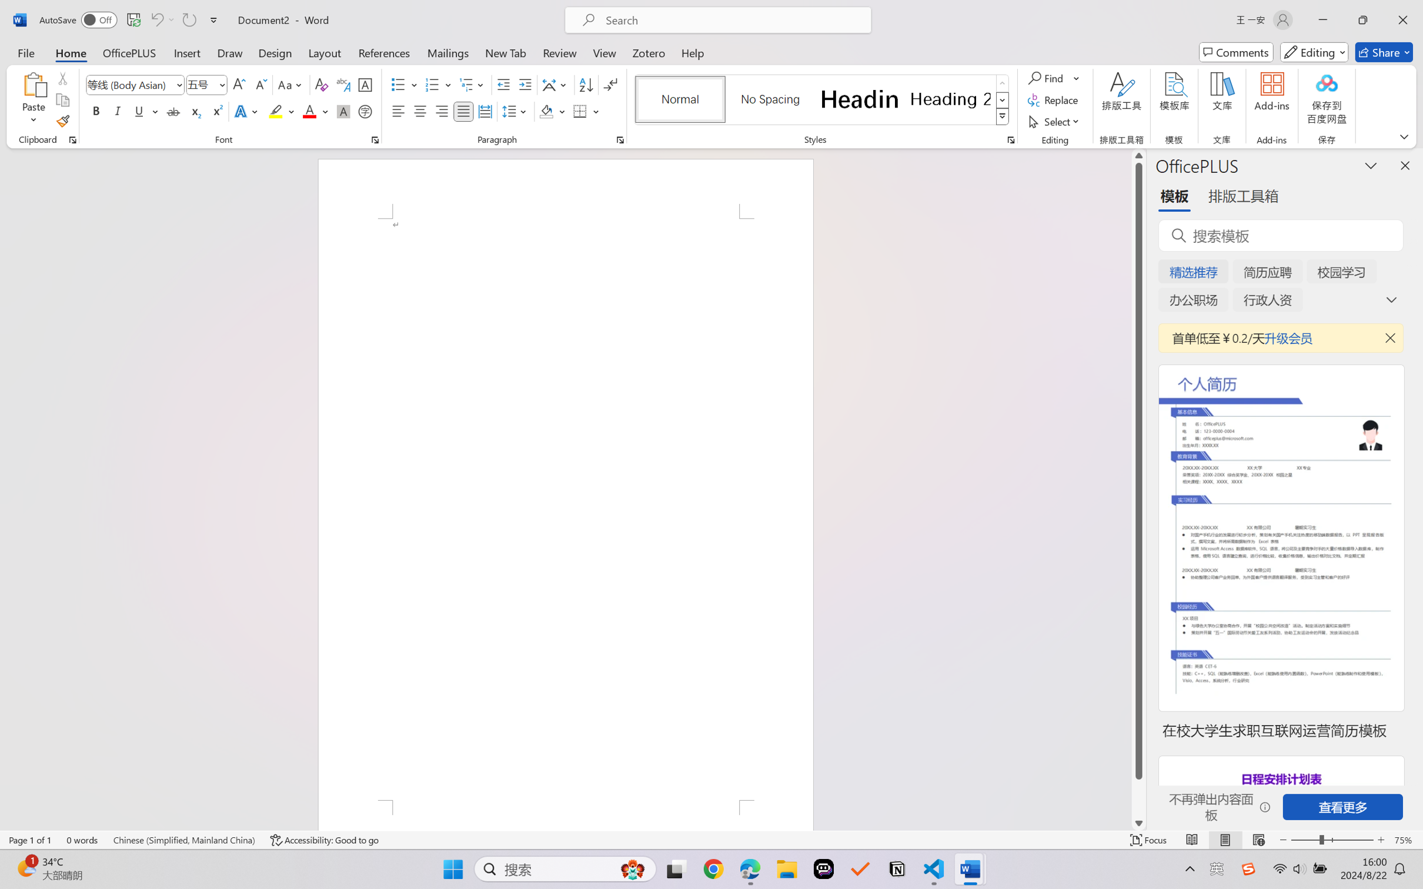  Describe the element at coordinates (1010, 139) in the screenshot. I see `'Styles...'` at that location.